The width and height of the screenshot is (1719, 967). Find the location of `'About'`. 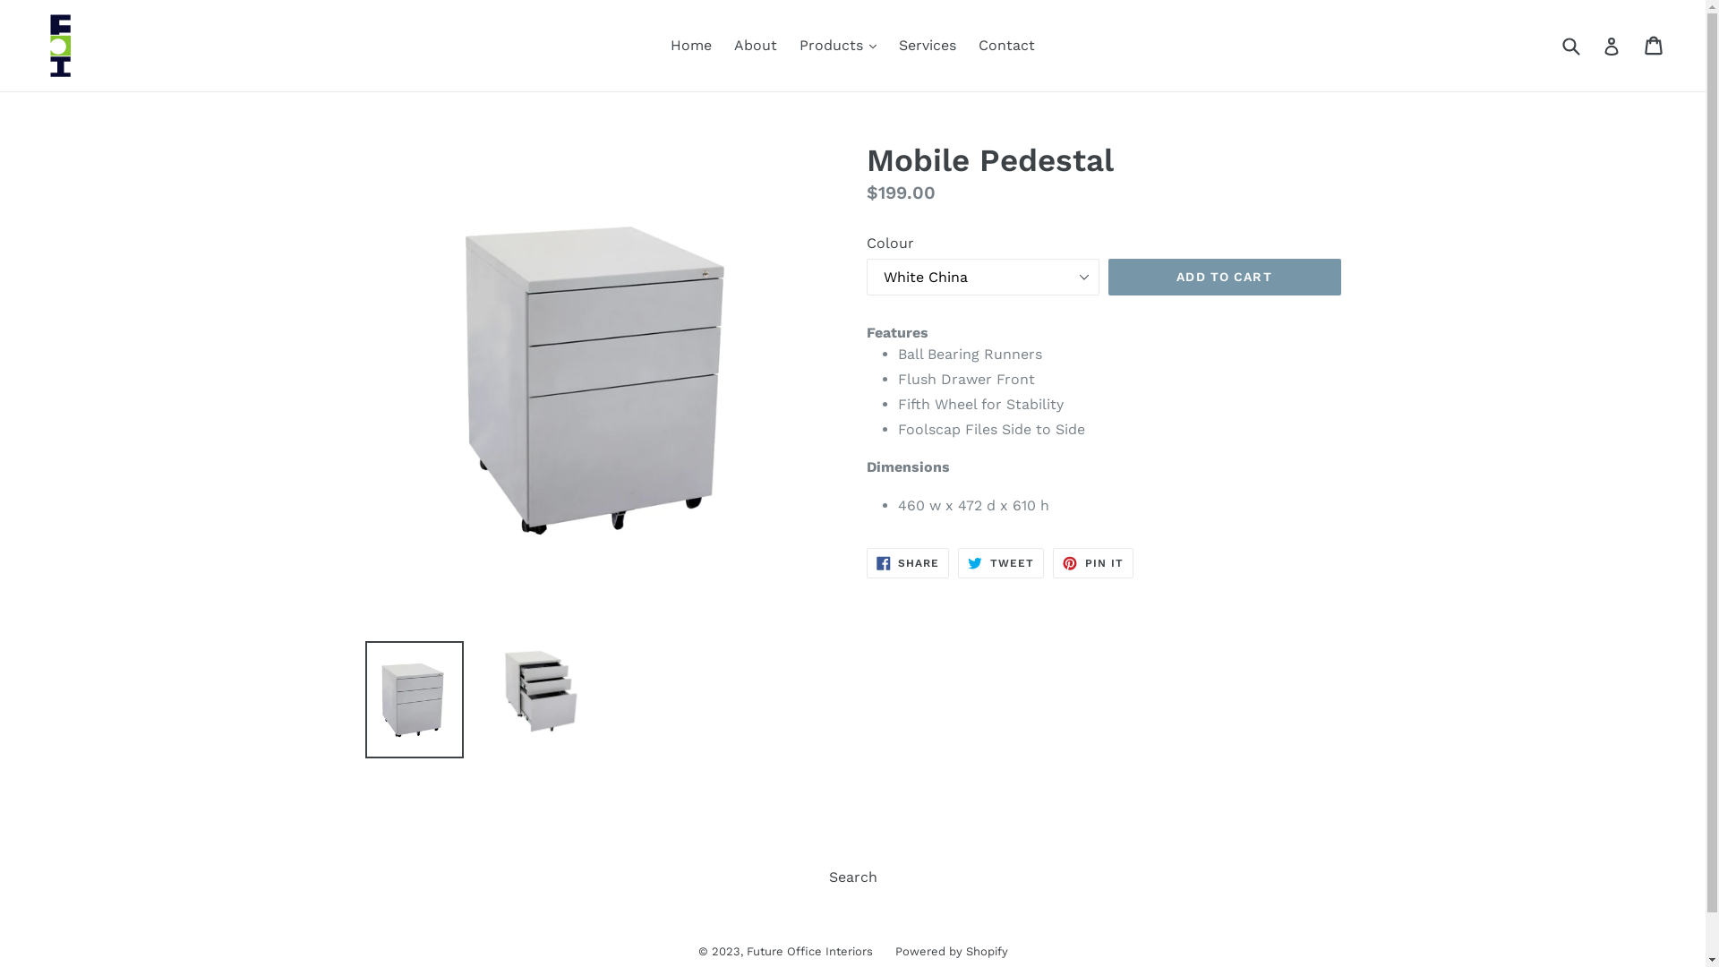

'About' is located at coordinates (756, 44).